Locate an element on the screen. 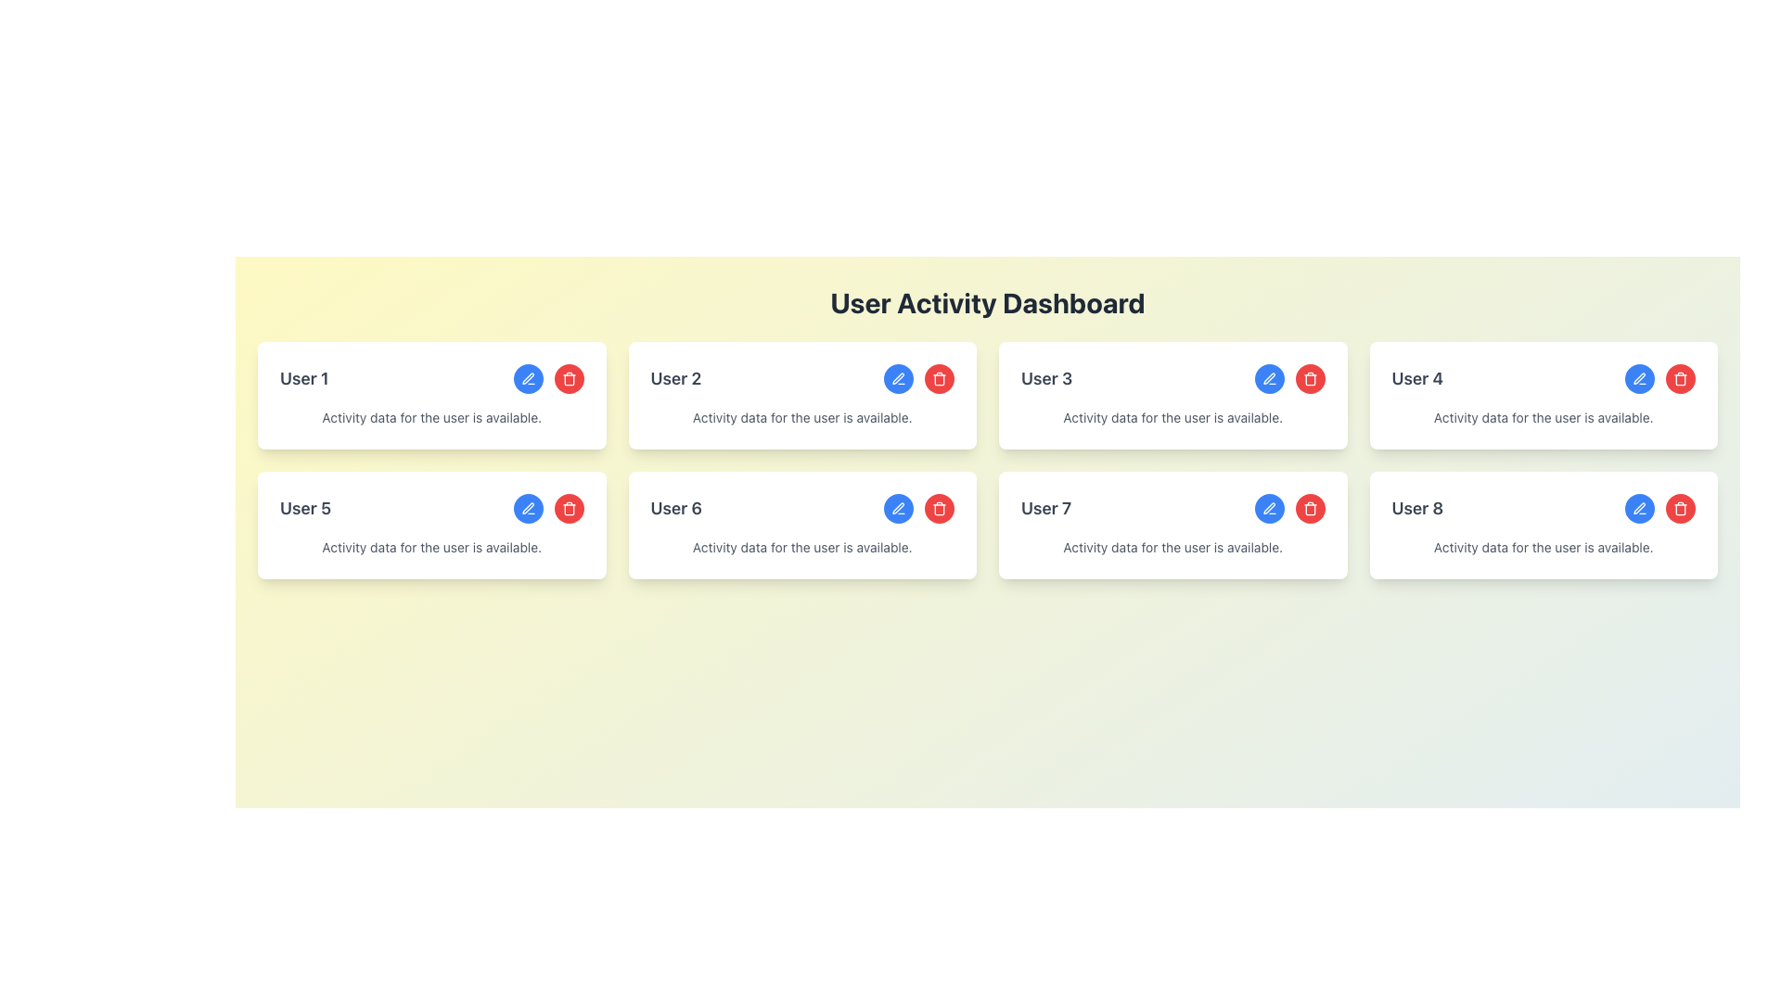 This screenshot has height=1001, width=1781. the edit button located in the top-right corner of the card labeled 'User 4' to modify the user's data is located at coordinates (1639, 377).